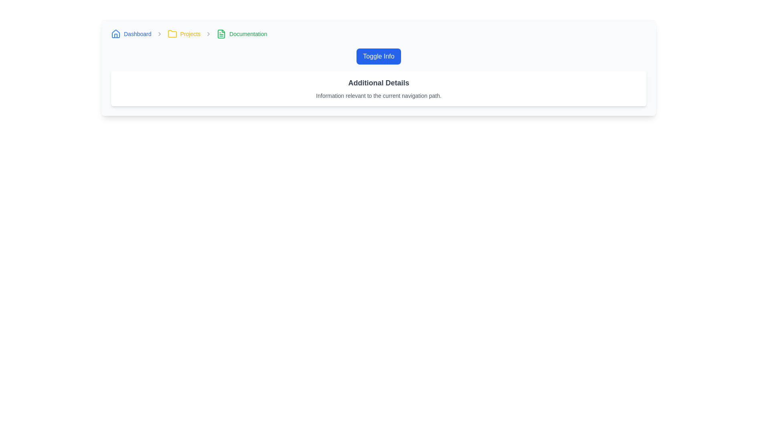 Image resolution: width=770 pixels, height=433 pixels. What do you see at coordinates (378, 95) in the screenshot?
I see `supplementary details provided by the text label located directly beneath the 'Additional Details' label in the UI` at bounding box center [378, 95].